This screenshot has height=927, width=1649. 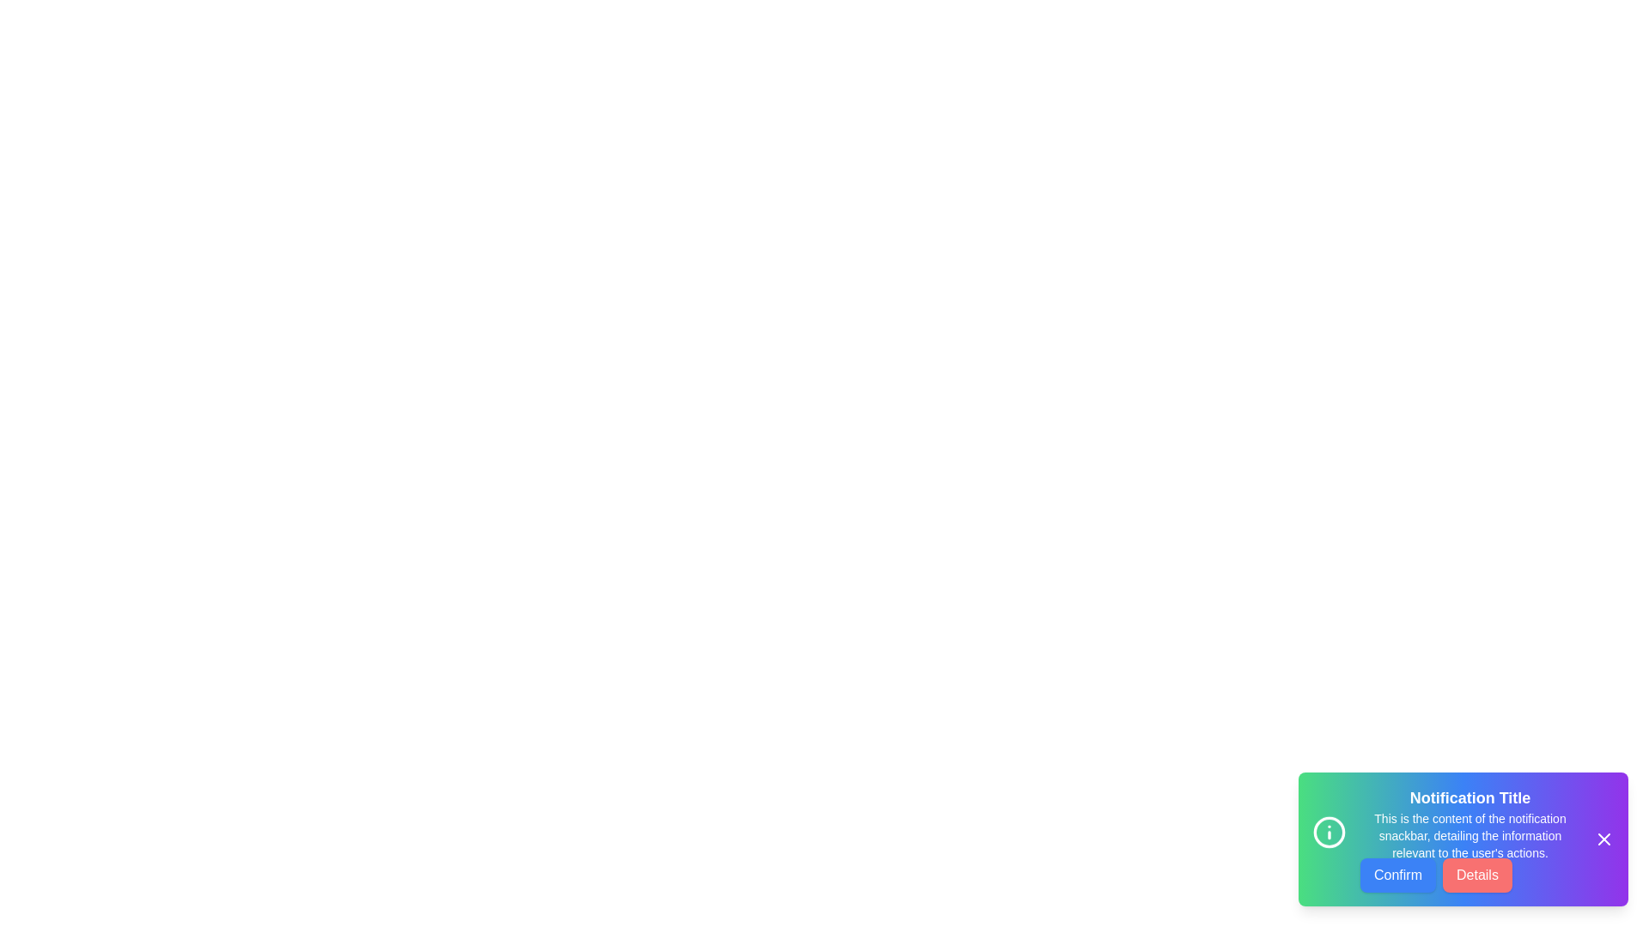 What do you see at coordinates (1603, 839) in the screenshot?
I see `'Close' button to dismiss the notification` at bounding box center [1603, 839].